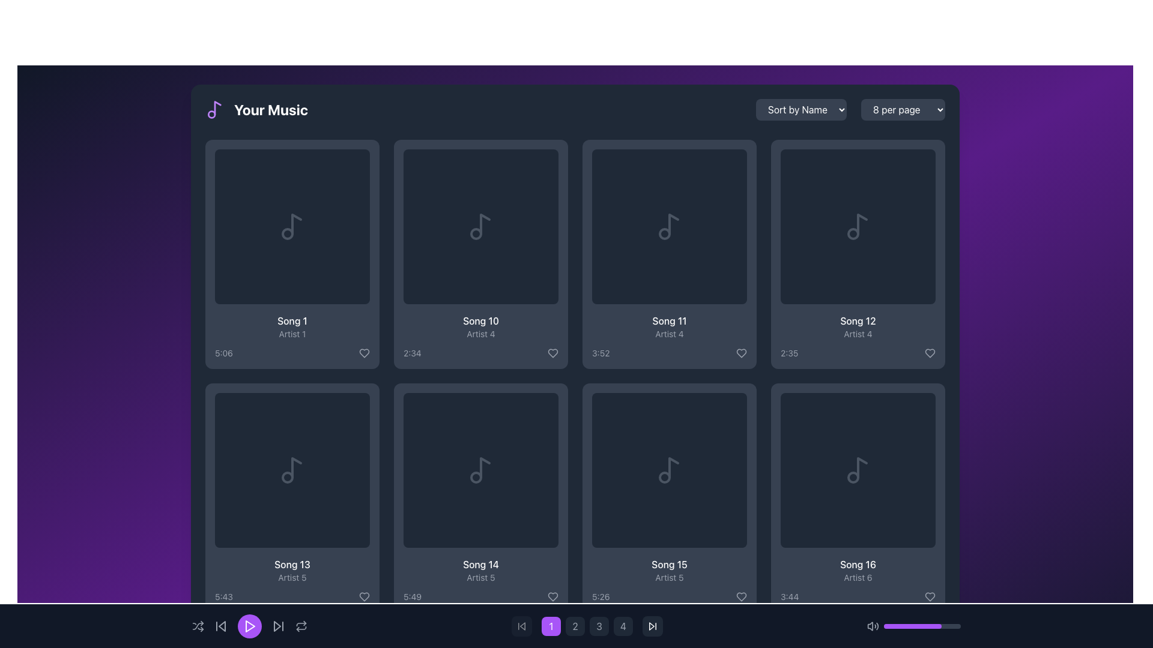  I want to click on the circular button with a purple background and white text displaying '1', so click(550, 626).